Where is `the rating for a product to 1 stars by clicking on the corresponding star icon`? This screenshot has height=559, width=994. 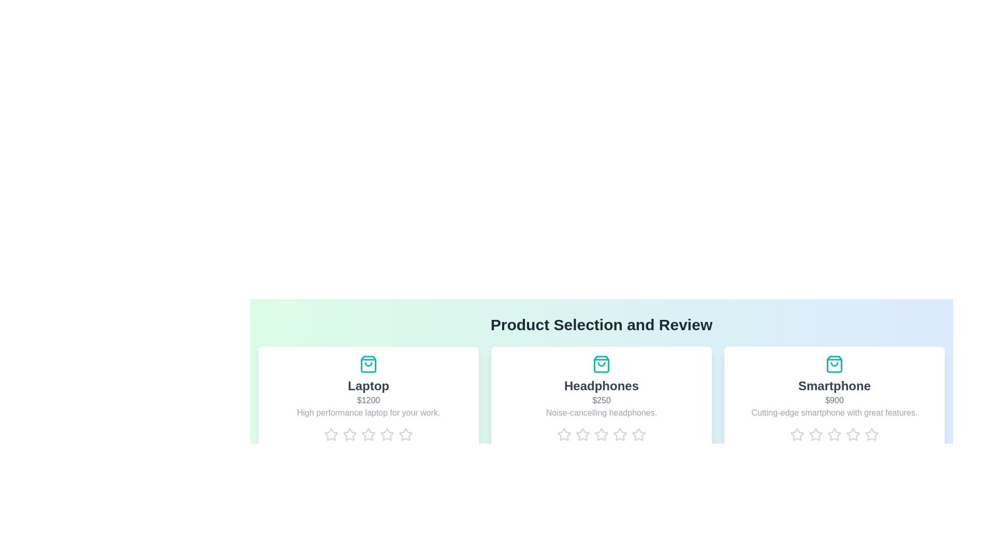
the rating for a product to 1 stars by clicking on the corresponding star icon is located at coordinates (330, 435).